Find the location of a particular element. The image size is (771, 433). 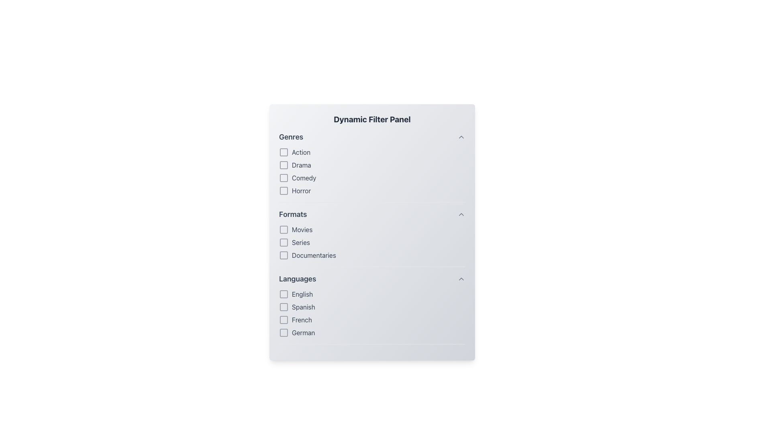

the third checkbox in the 'Genres' section of the filter panel is located at coordinates (284, 177).